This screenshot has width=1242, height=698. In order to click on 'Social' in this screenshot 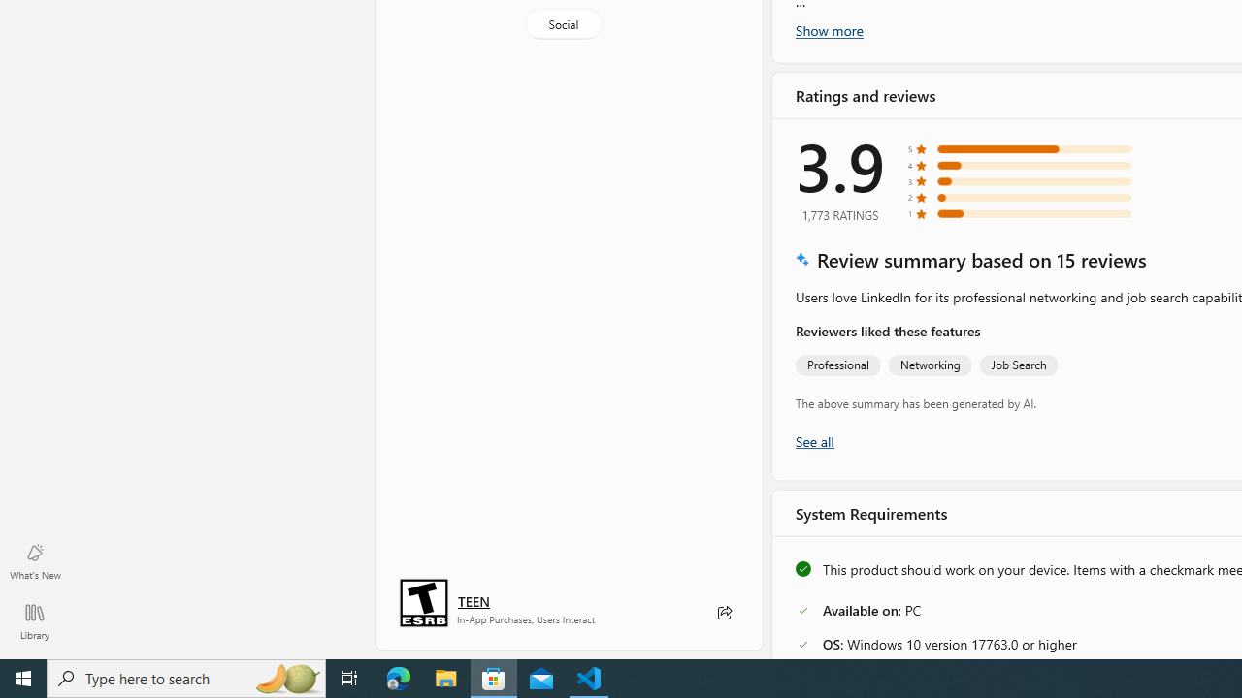, I will do `click(561, 23)`.